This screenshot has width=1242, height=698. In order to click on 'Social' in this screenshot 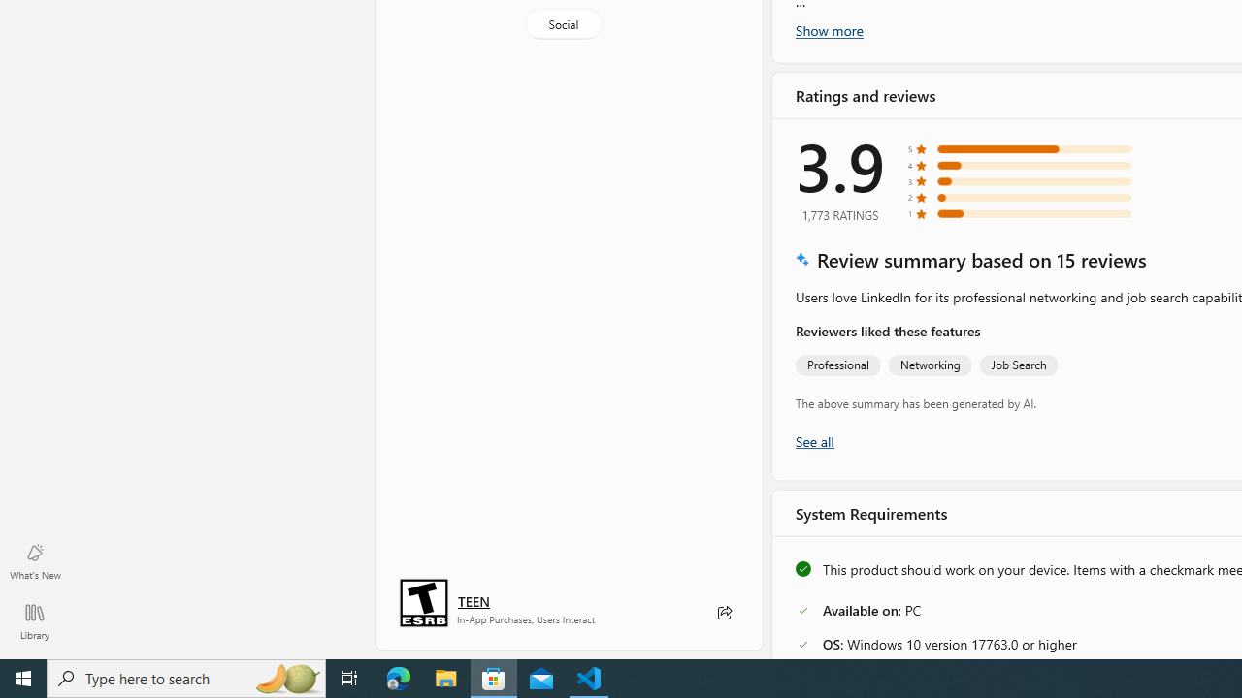, I will do `click(561, 23)`.